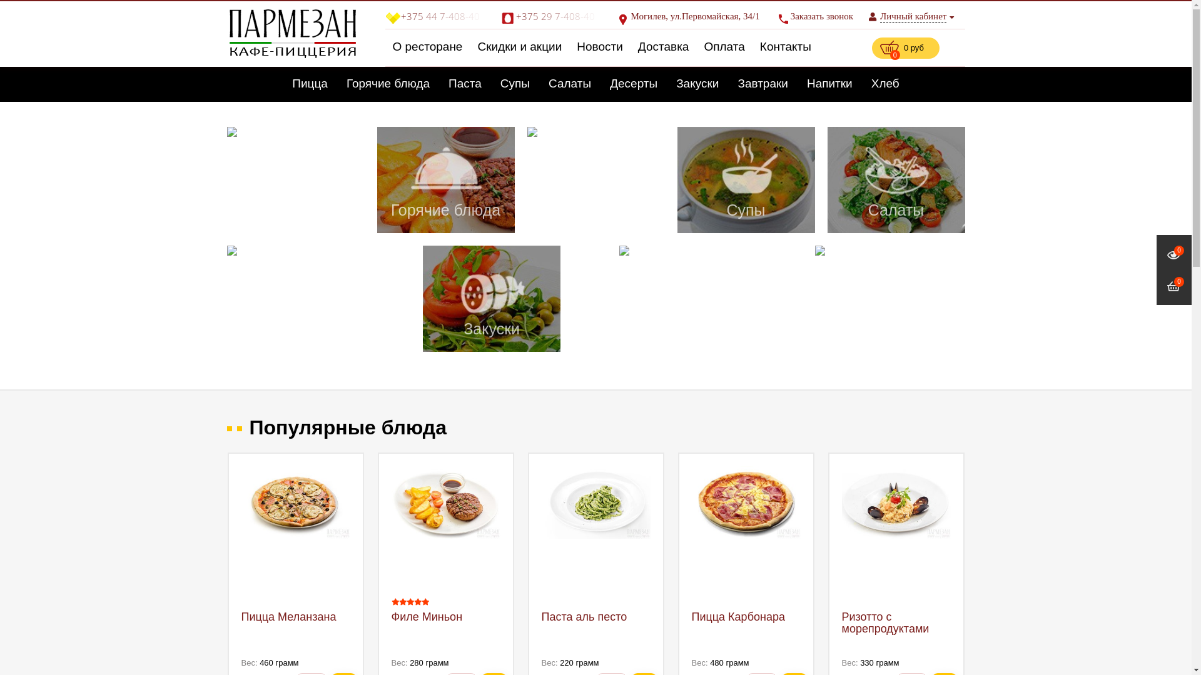  Describe the element at coordinates (1173, 254) in the screenshot. I see `'0'` at that location.